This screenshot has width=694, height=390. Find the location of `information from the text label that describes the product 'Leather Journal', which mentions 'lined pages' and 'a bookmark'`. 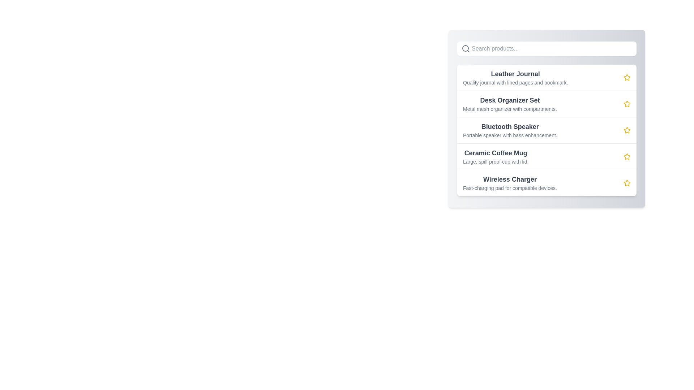

information from the text label that describes the product 'Leather Journal', which mentions 'lined pages' and 'a bookmark' is located at coordinates (515, 82).